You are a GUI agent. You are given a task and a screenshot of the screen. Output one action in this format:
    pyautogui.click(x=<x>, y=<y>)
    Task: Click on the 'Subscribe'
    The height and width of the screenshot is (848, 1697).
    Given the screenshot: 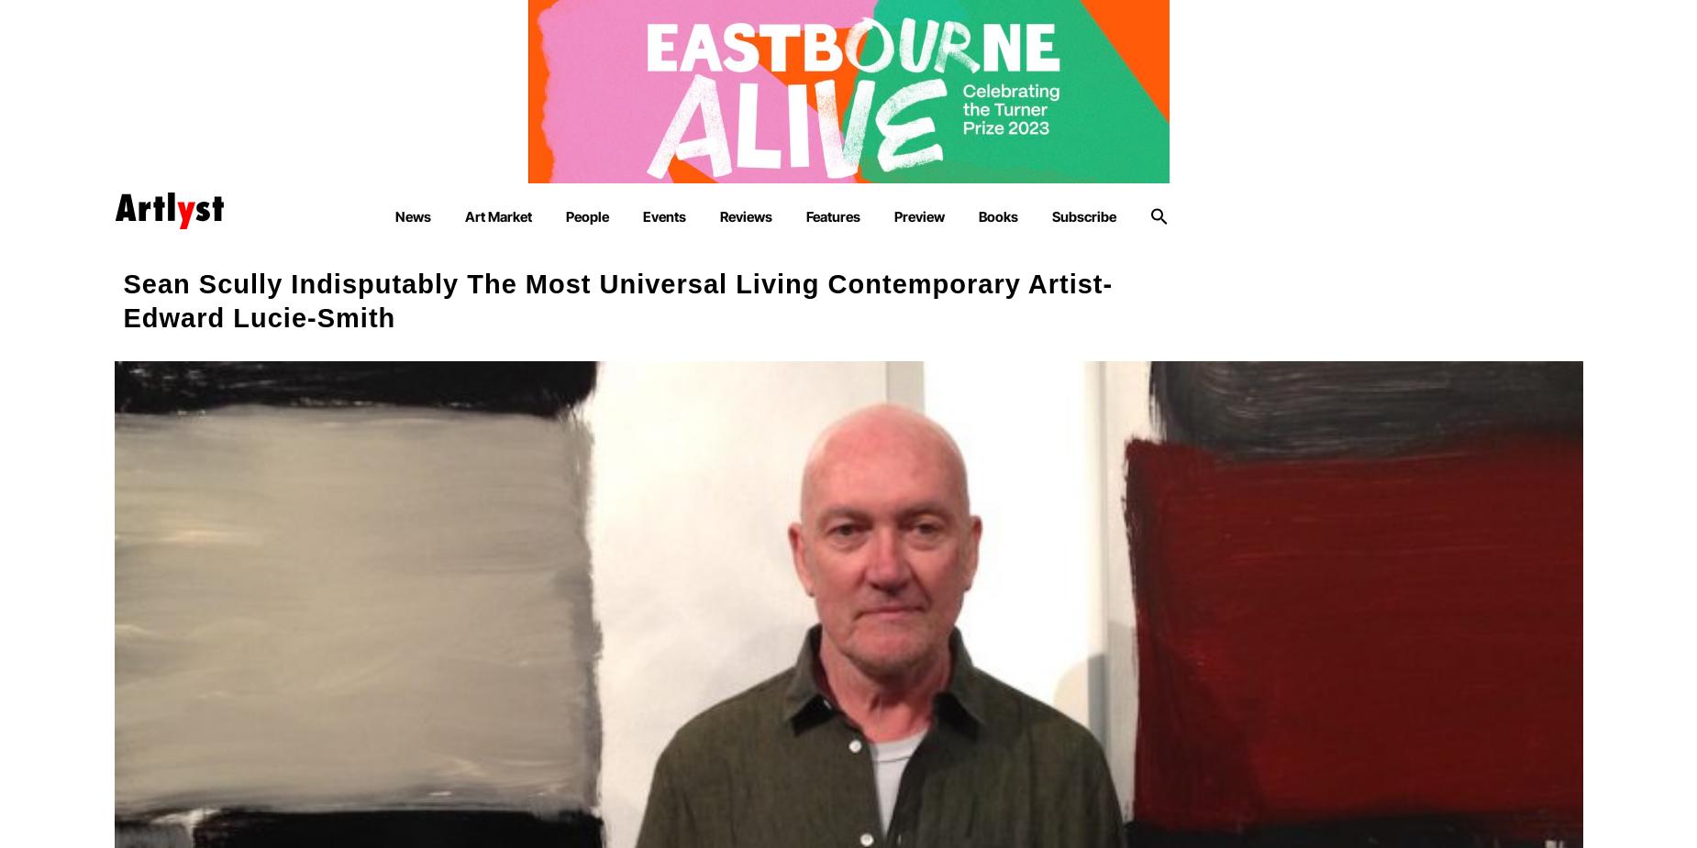 What is the action you would take?
    pyautogui.click(x=1050, y=215)
    